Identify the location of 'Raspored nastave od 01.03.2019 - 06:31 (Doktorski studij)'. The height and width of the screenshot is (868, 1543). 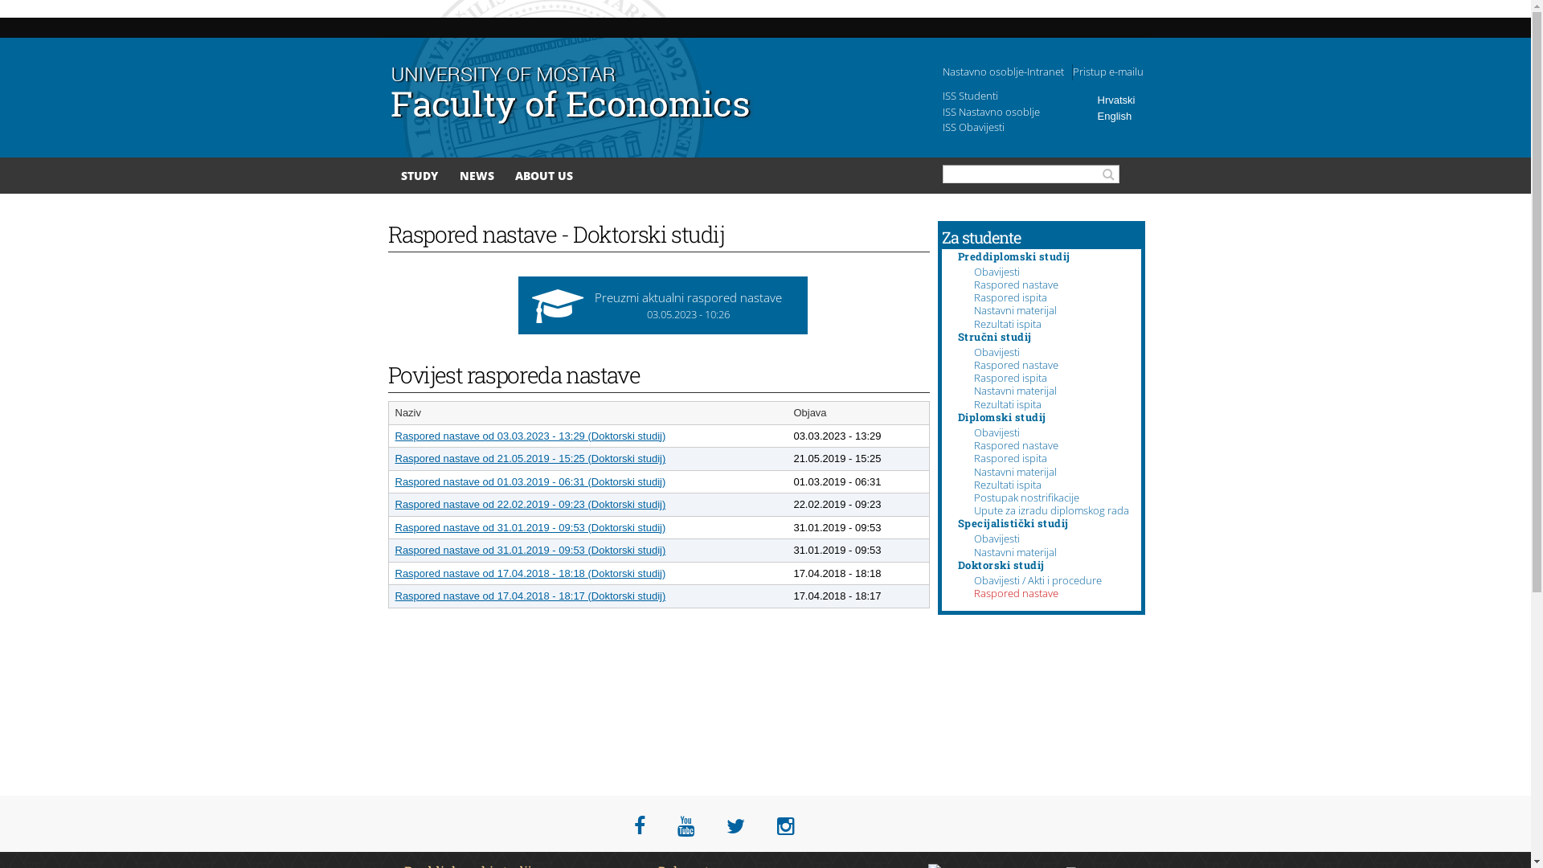
(530, 481).